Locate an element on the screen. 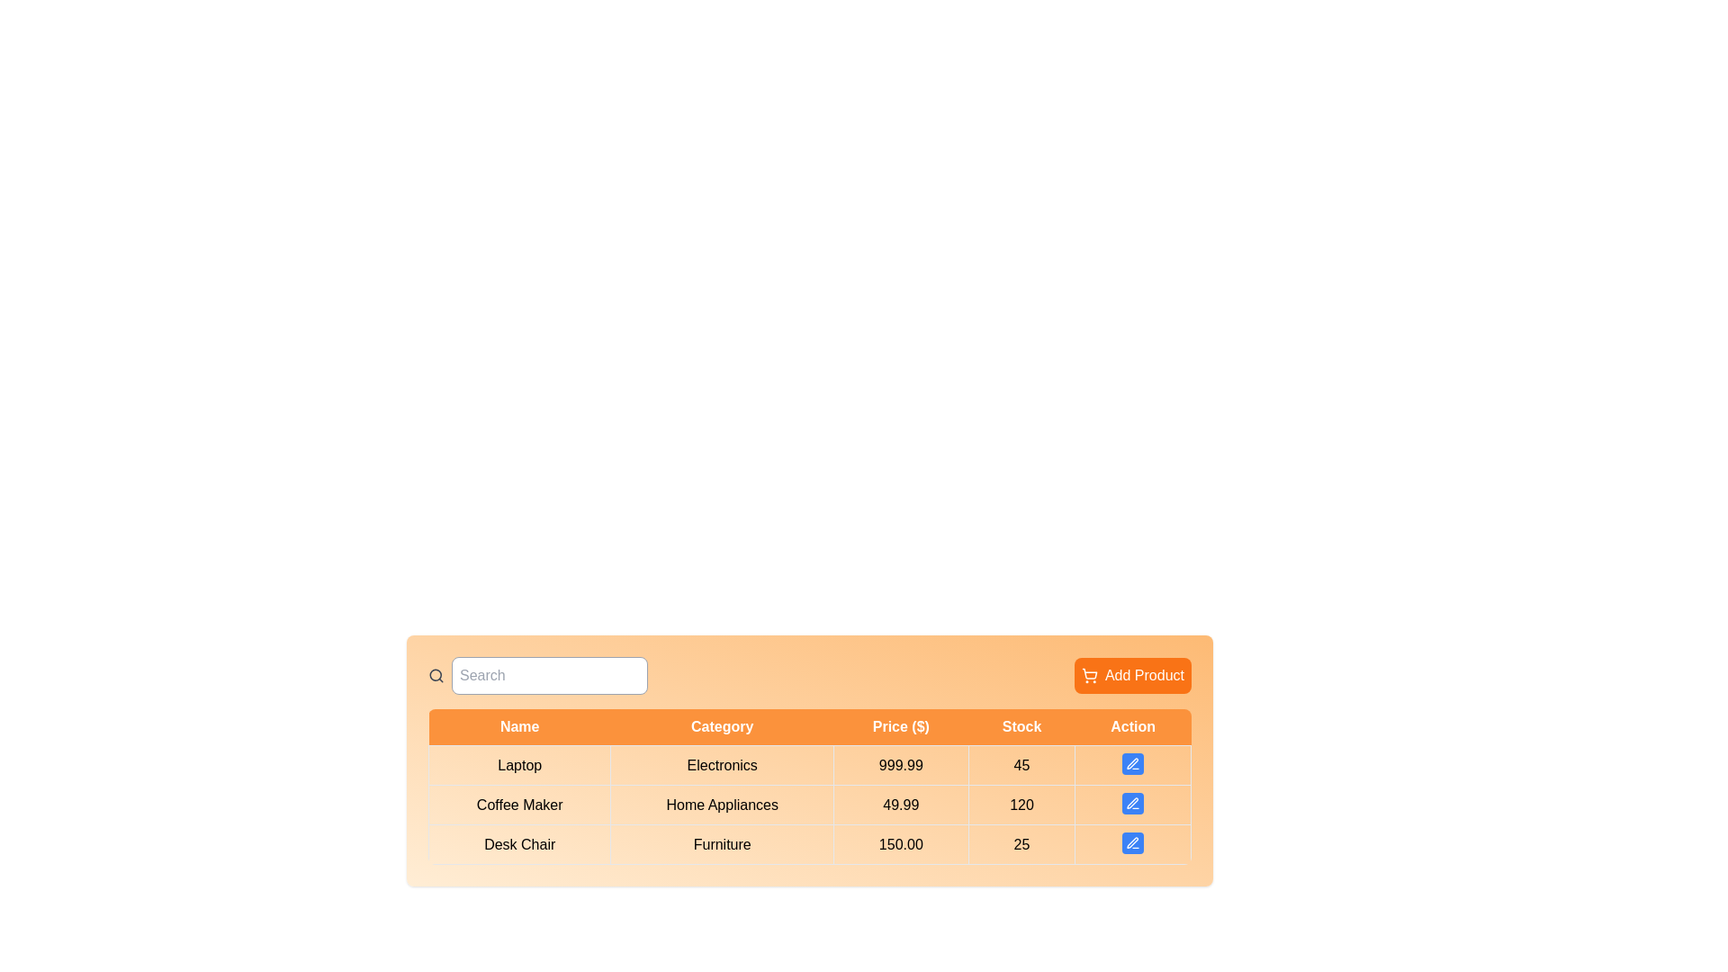 Image resolution: width=1728 pixels, height=972 pixels. the numerical value '25' displayed in bold font under the 'Stock' column in the 'Desk Chair' row of the data table is located at coordinates (1021, 844).